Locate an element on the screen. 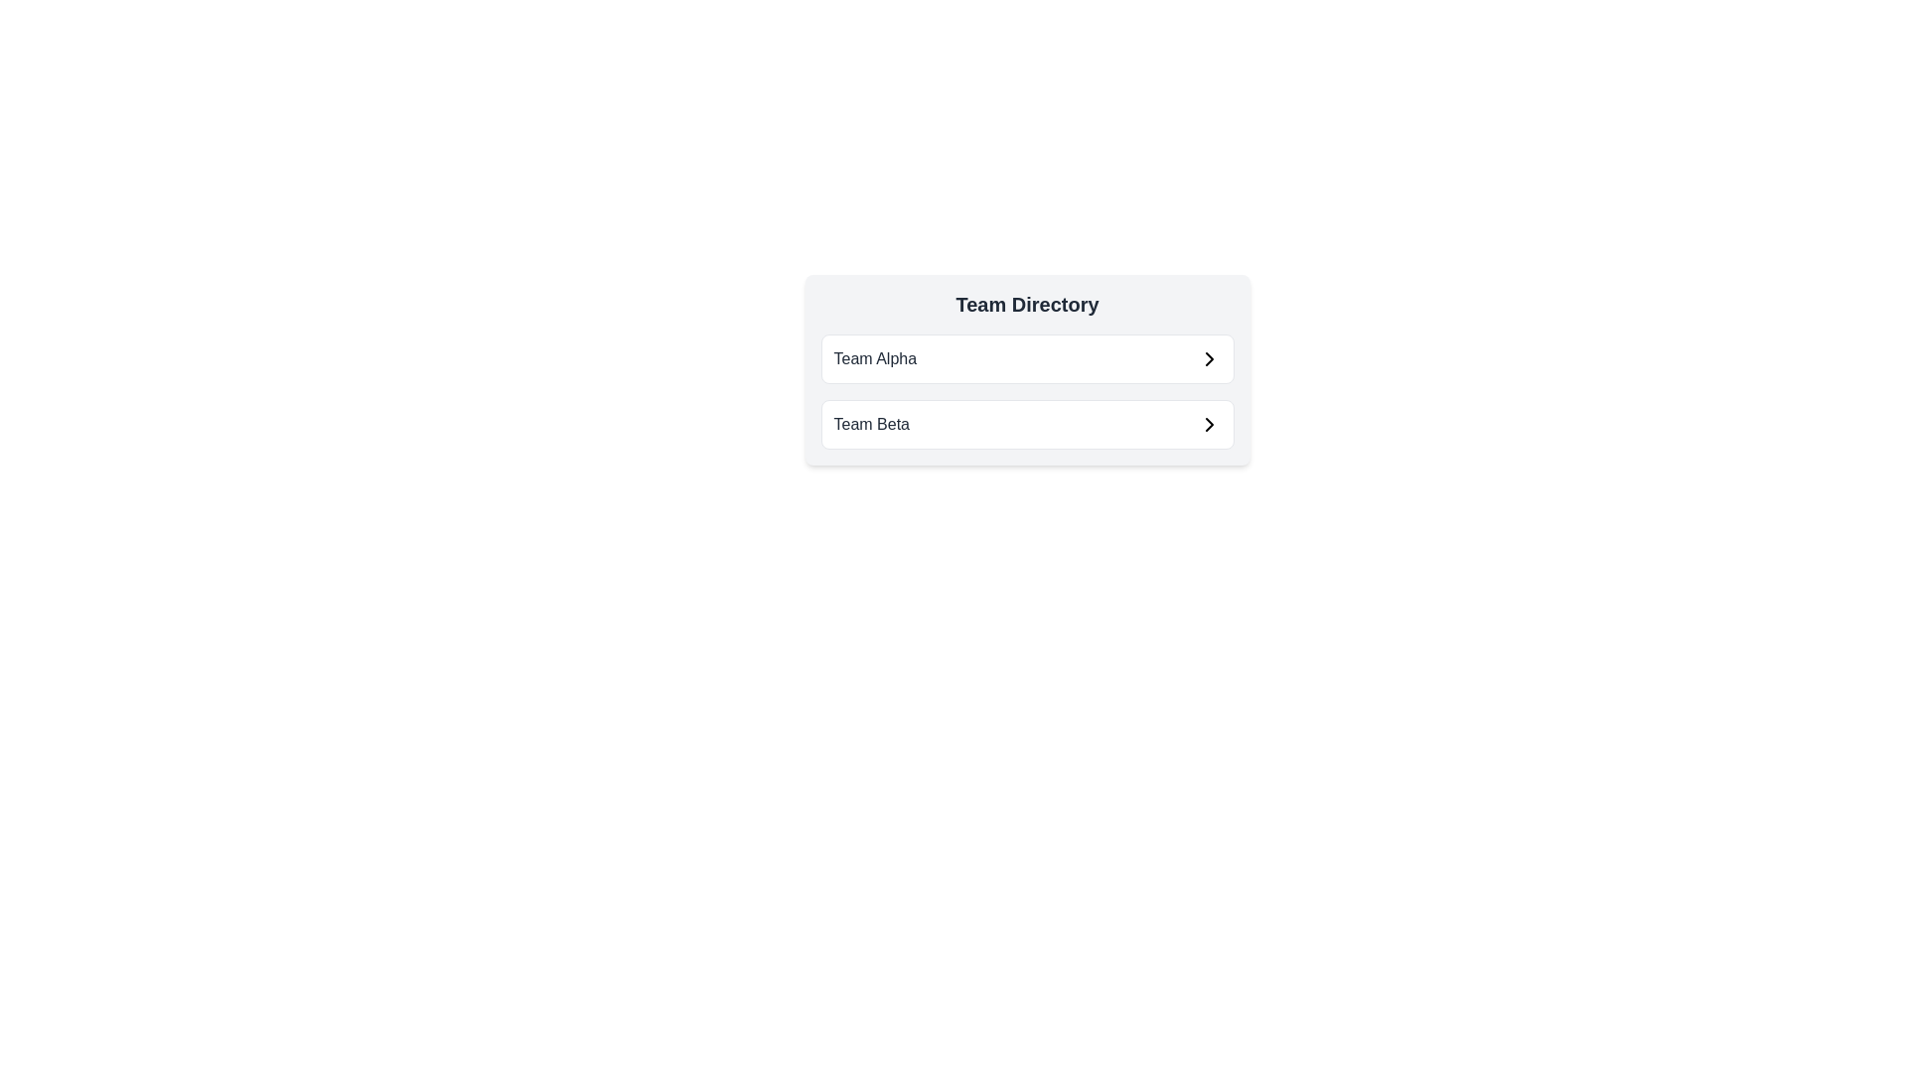  the right-facing chevron icon located beside the text 'Team Beta' in the 'Team Directory' card is located at coordinates (1208, 424).